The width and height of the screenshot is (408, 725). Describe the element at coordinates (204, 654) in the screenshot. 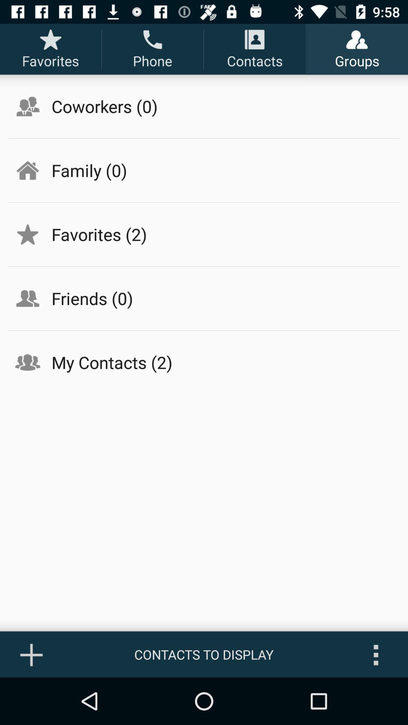

I see `the contacts to display icon` at that location.